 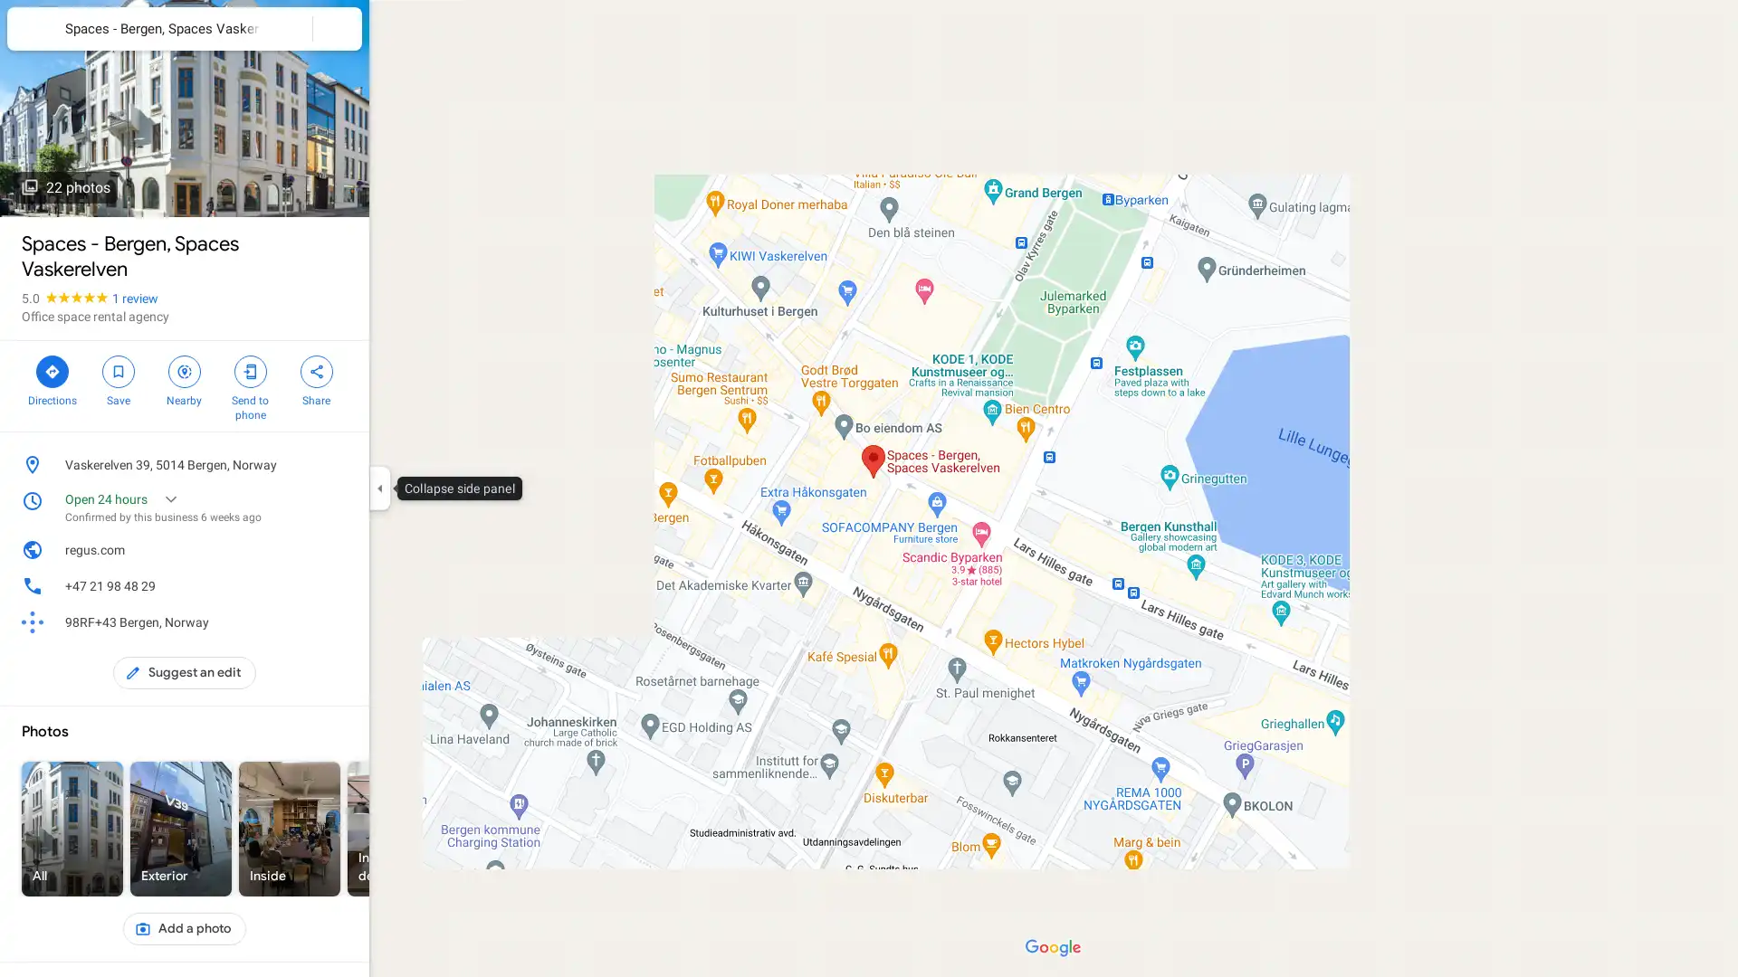 I want to click on All, so click(x=72, y=829).